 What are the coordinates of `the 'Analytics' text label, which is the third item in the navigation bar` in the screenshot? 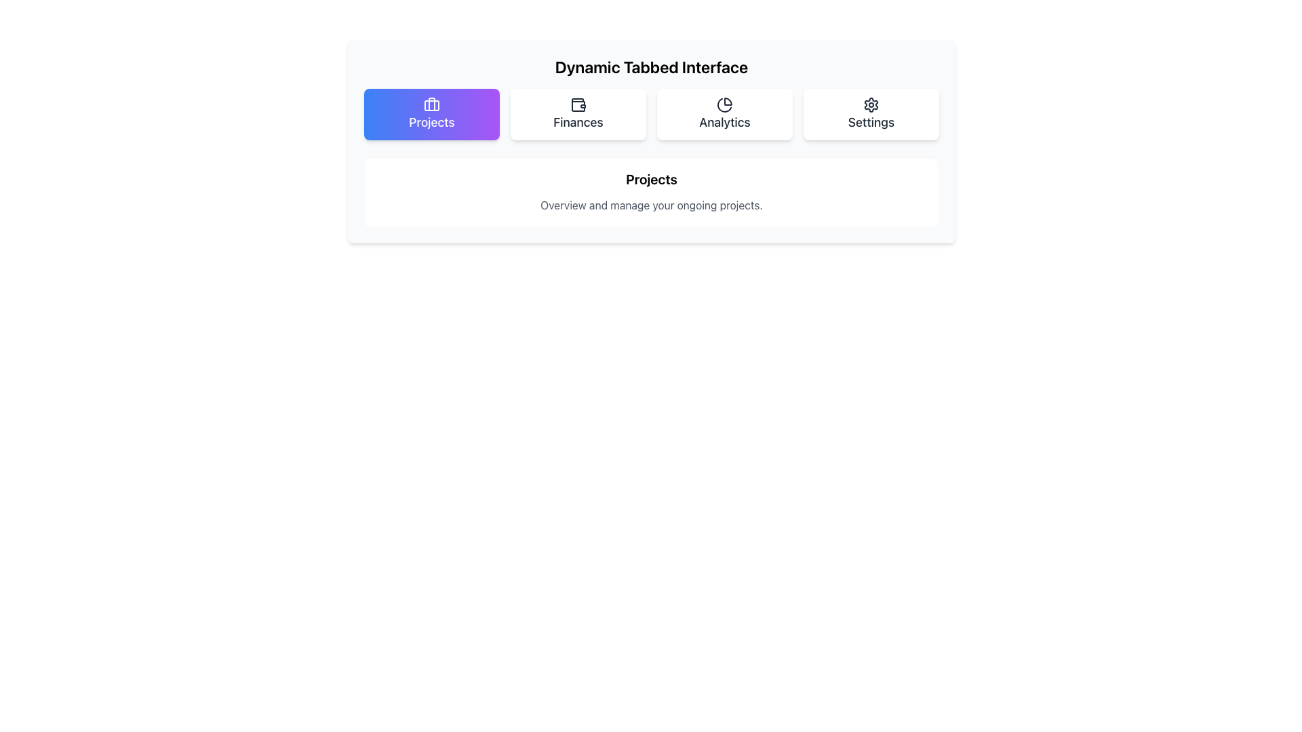 It's located at (724, 123).